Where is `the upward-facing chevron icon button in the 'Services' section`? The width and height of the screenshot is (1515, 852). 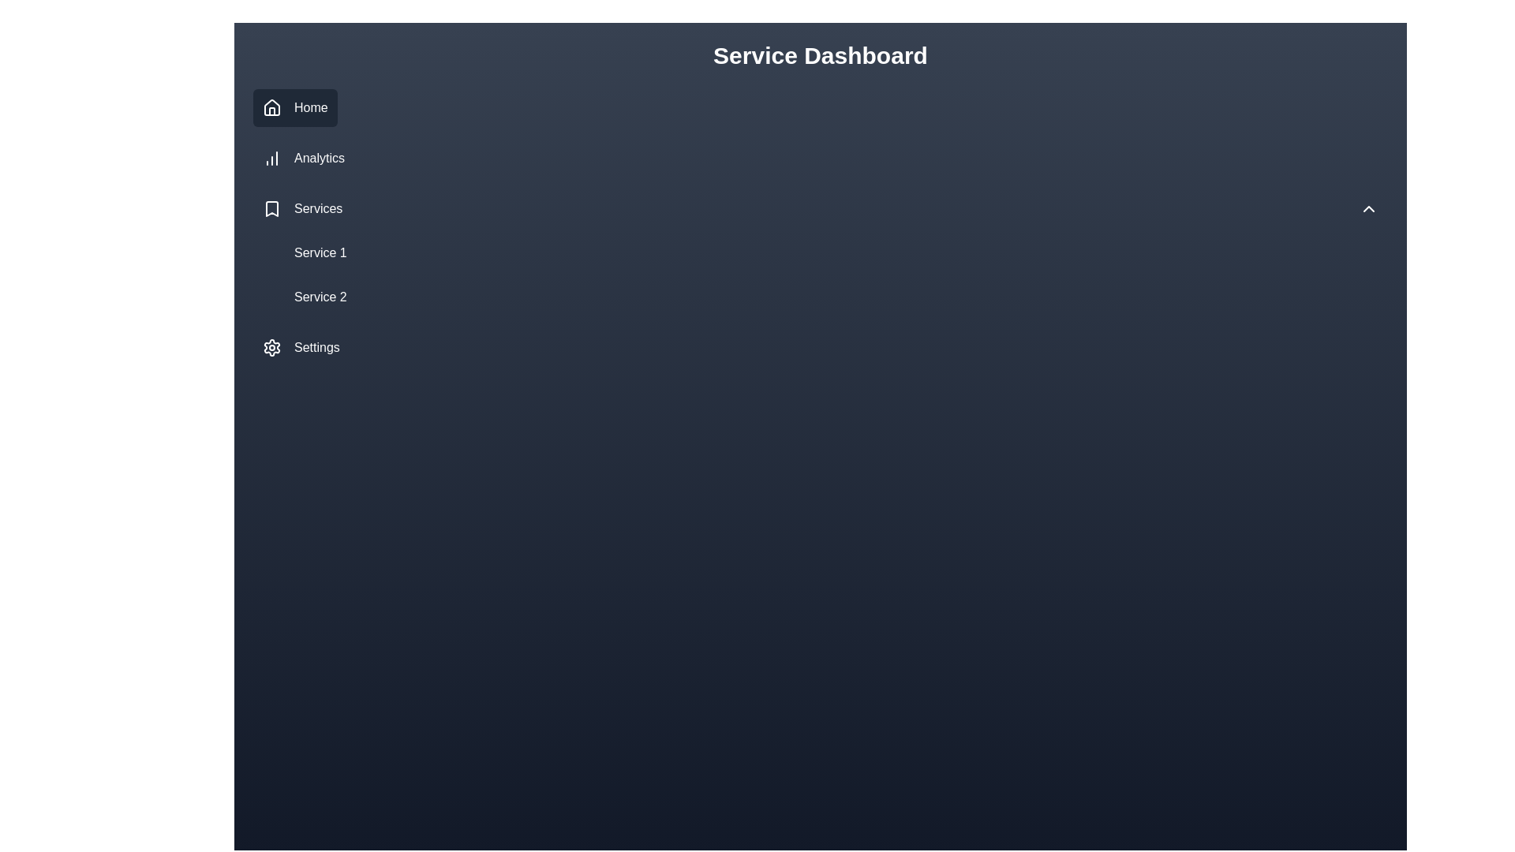 the upward-facing chevron icon button in the 'Services' section is located at coordinates (1367, 208).